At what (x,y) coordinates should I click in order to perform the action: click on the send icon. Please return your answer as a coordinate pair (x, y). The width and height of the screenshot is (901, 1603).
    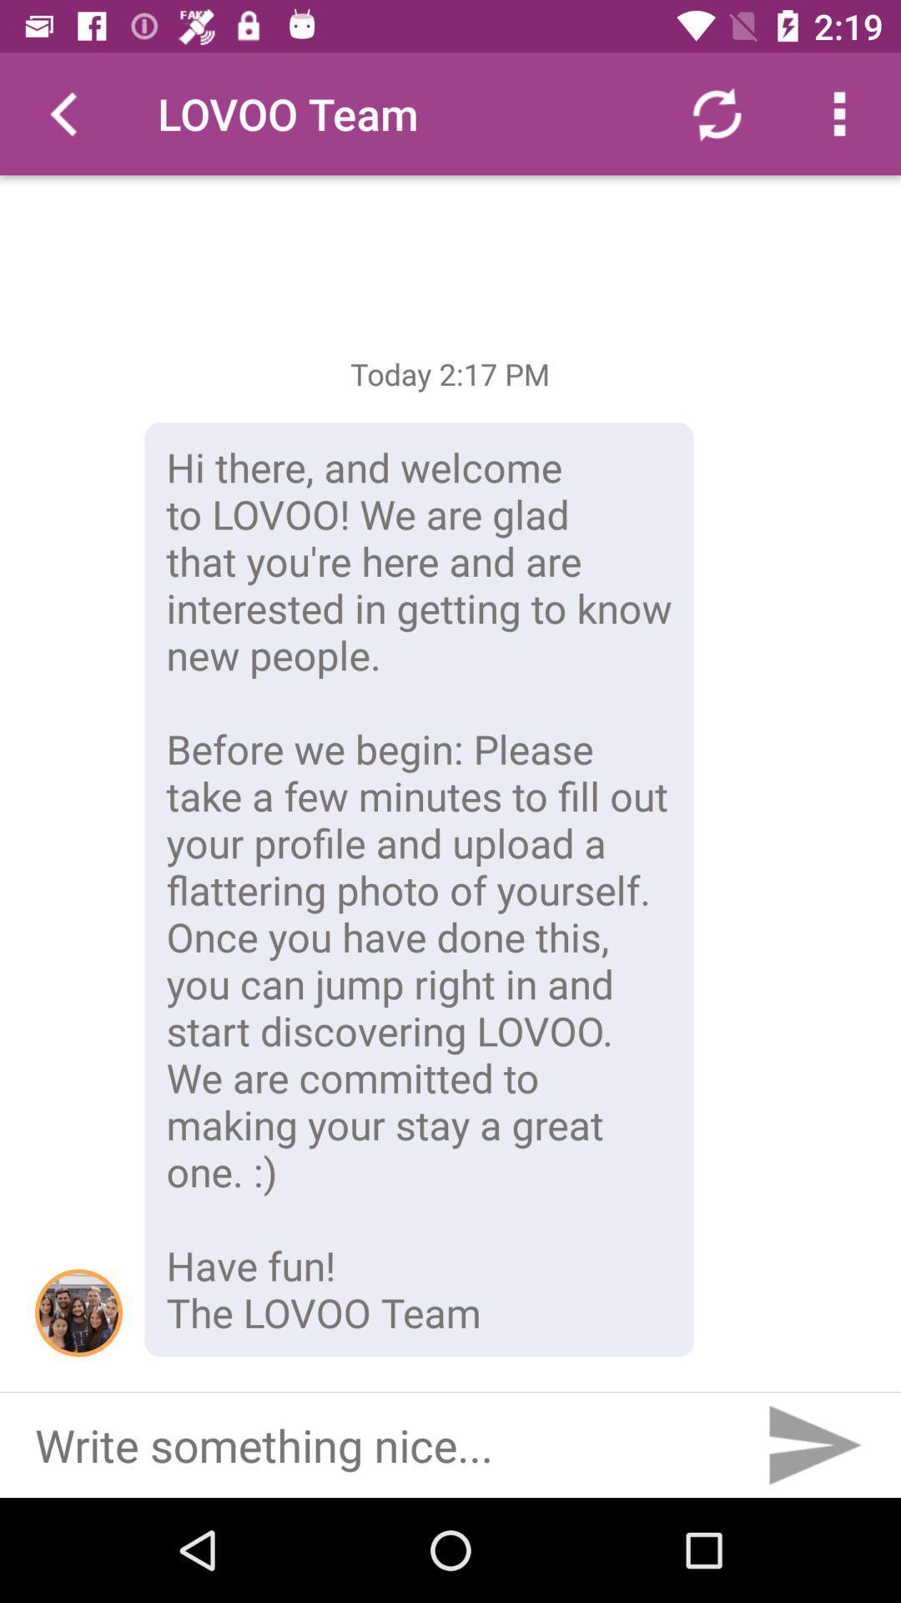
    Looking at the image, I should click on (813, 1444).